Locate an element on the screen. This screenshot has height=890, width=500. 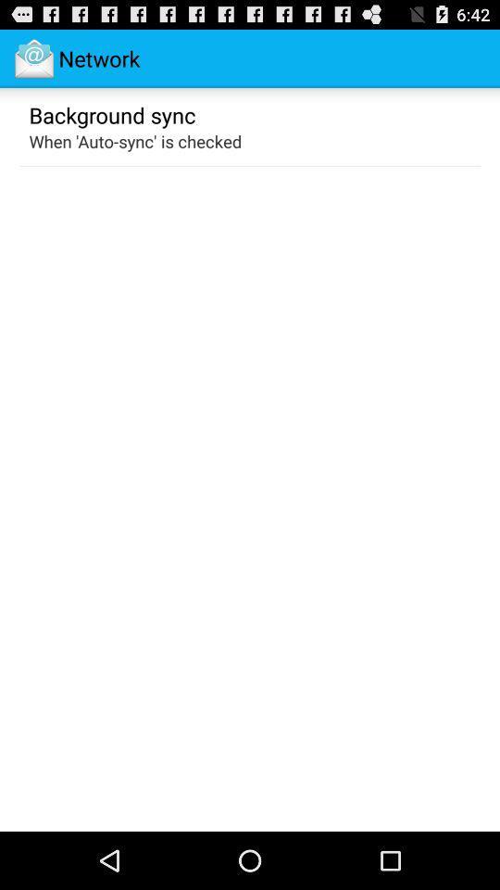
app below background sync item is located at coordinates (134, 140).